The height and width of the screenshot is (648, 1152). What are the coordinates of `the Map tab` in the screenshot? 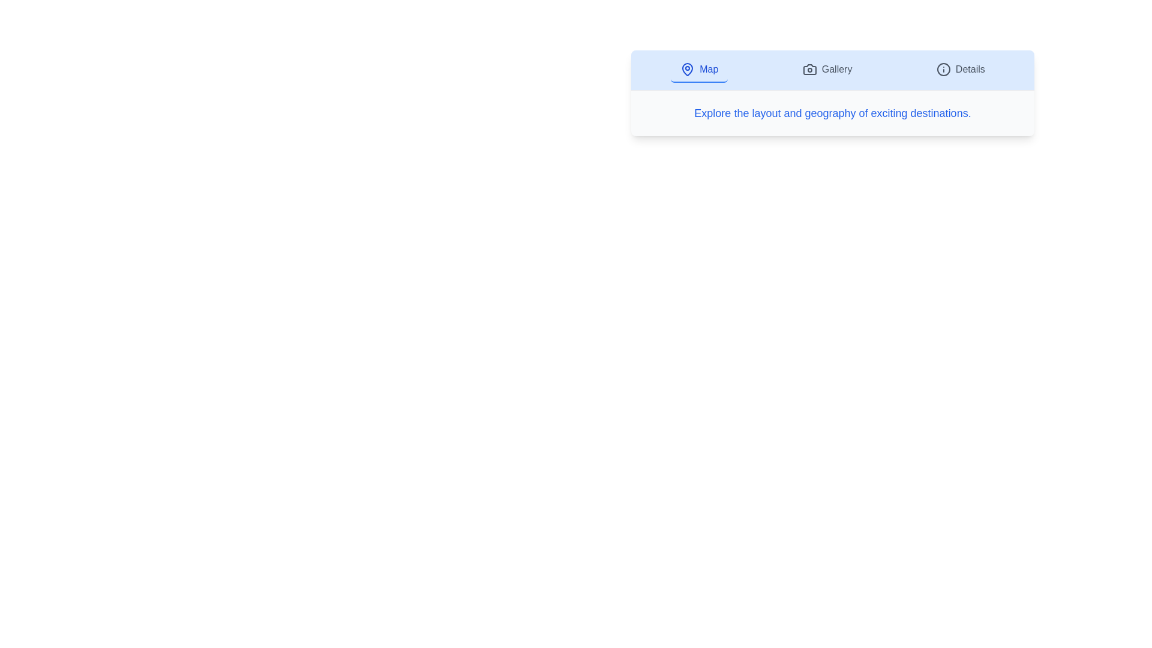 It's located at (699, 70).